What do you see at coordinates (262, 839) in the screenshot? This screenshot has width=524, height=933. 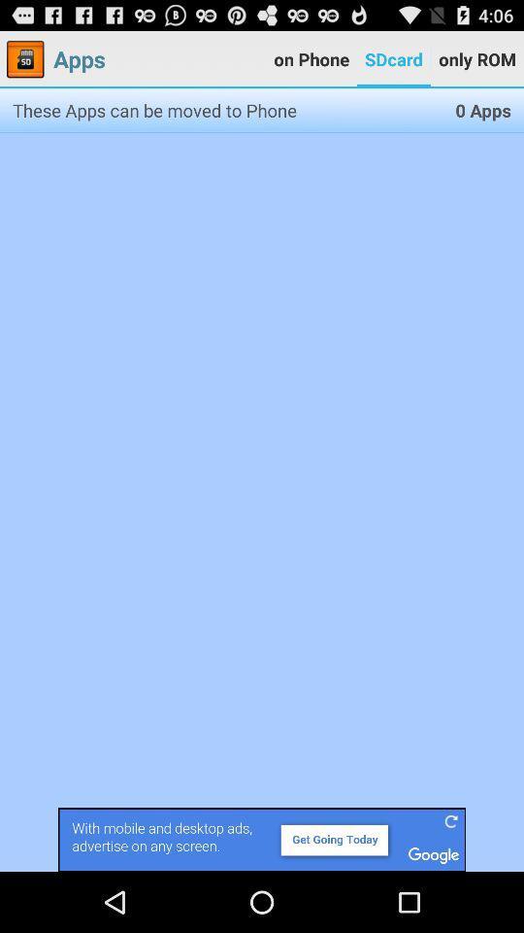 I see `click advertisement` at bounding box center [262, 839].